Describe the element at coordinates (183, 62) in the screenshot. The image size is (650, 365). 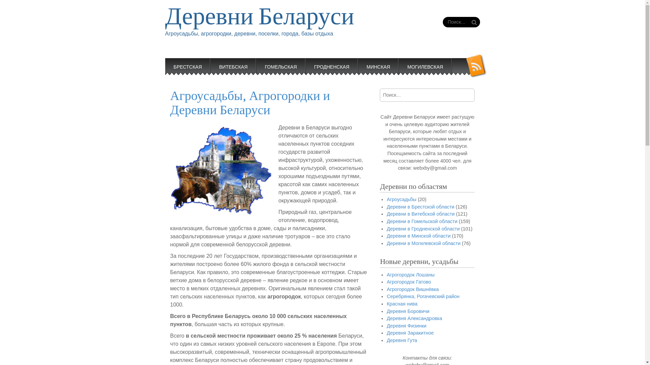
I see `'Skip to content'` at that location.